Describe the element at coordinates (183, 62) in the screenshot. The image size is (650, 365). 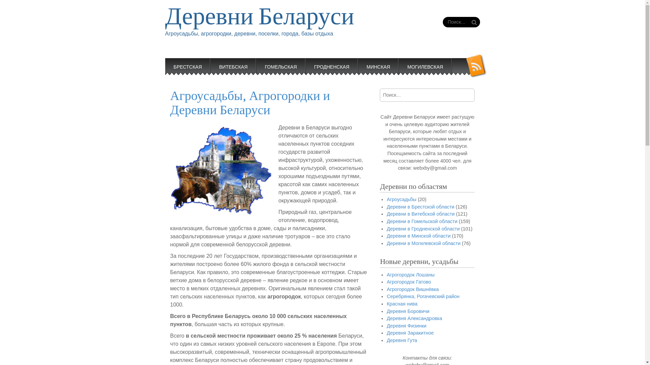
I see `'Skip to content'` at that location.